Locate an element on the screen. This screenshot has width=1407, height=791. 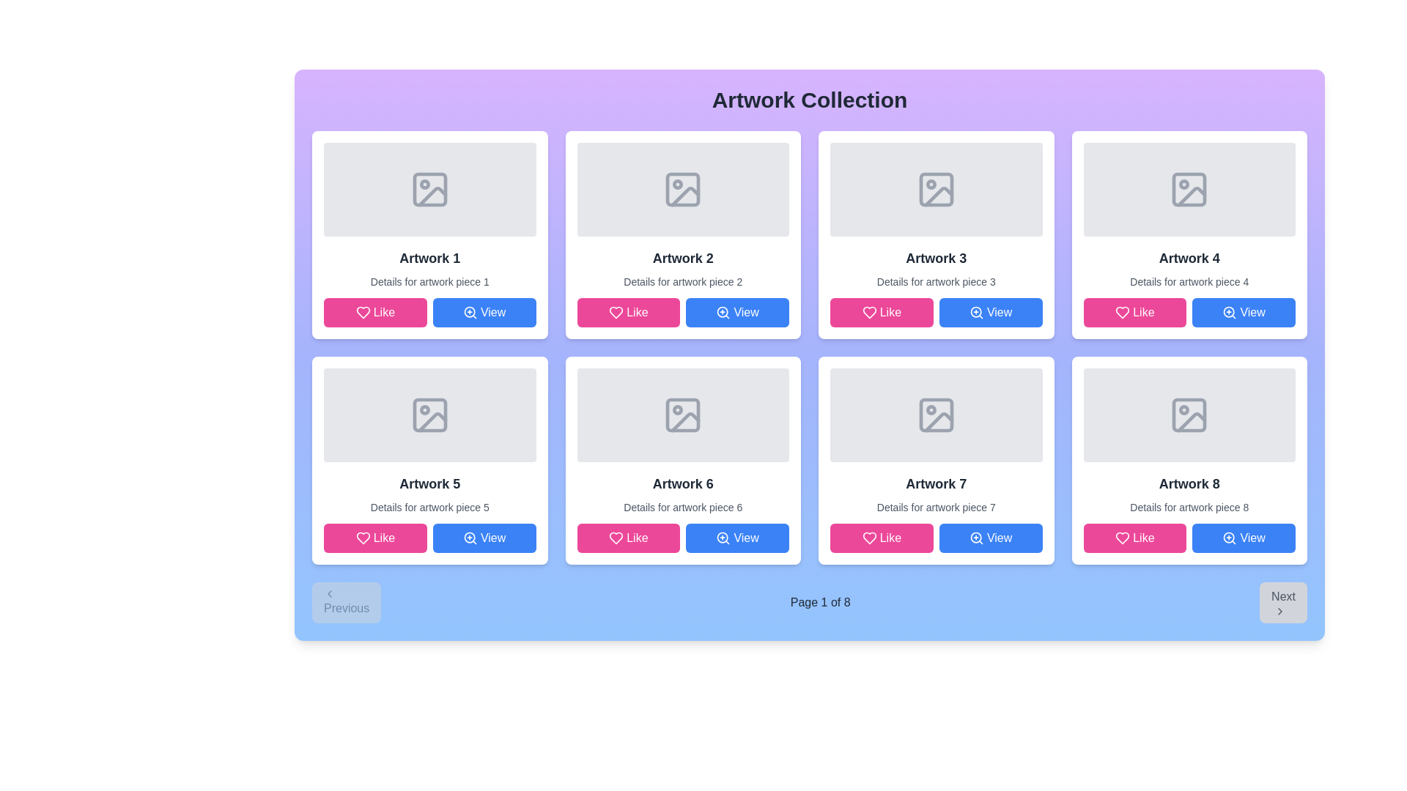
the Text label that displays the current page information (Page 1 of 8) located in the pagination control bar at the bottom of the page is located at coordinates (819, 602).